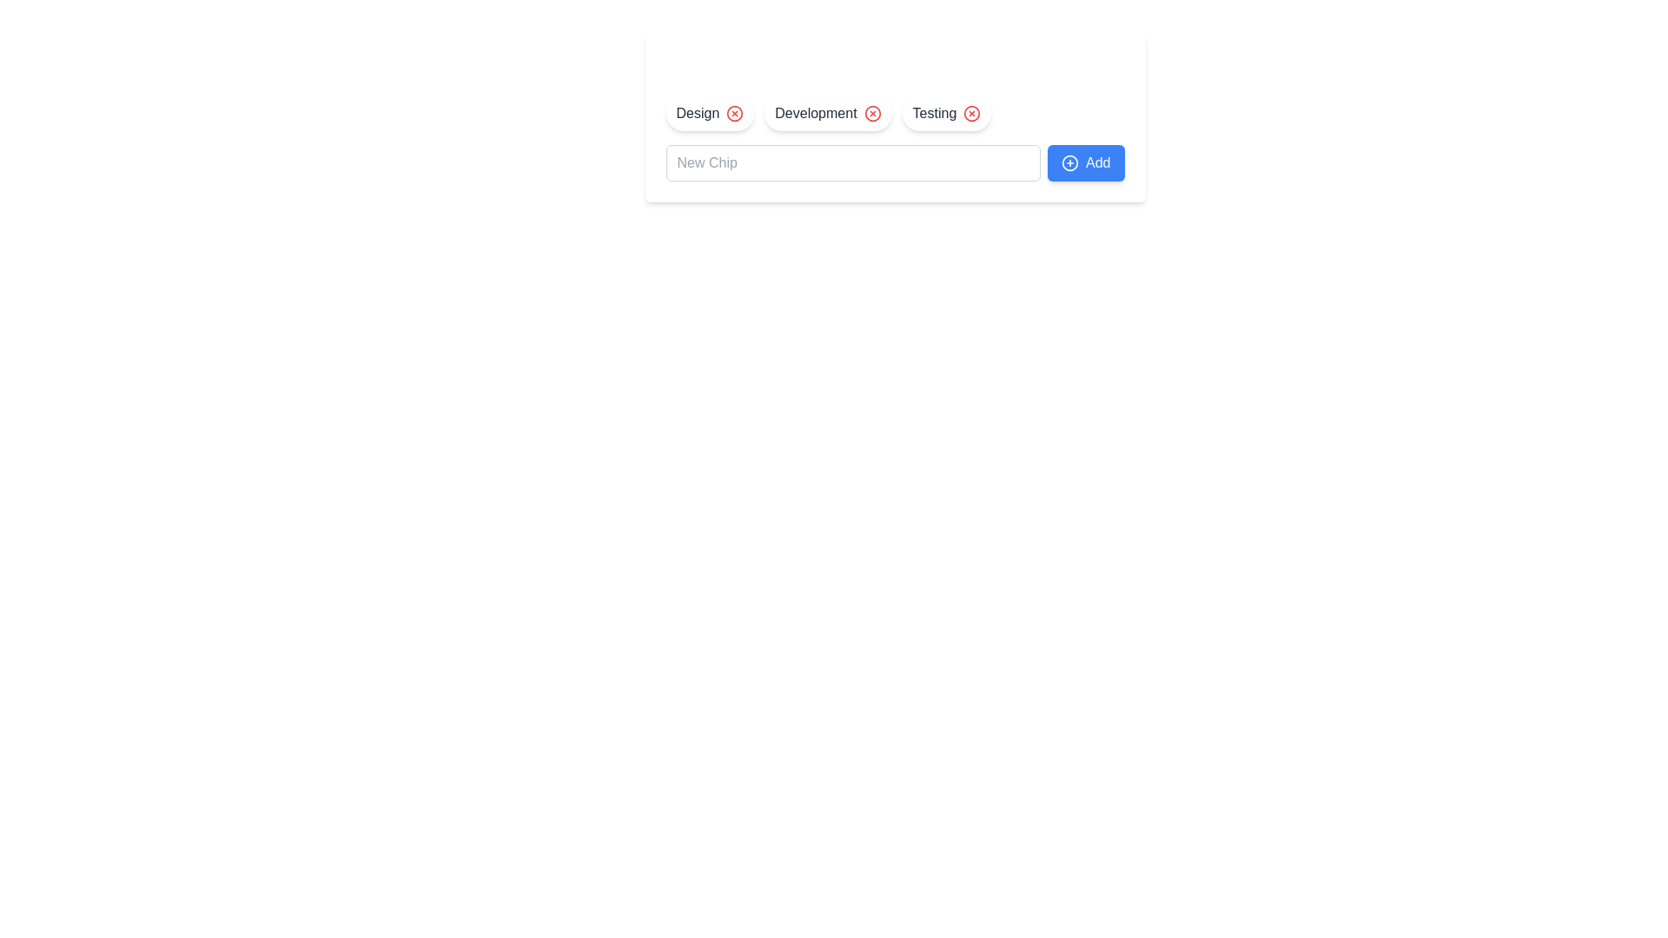  I want to click on the input field to focus and enable text selection, so click(853, 163).